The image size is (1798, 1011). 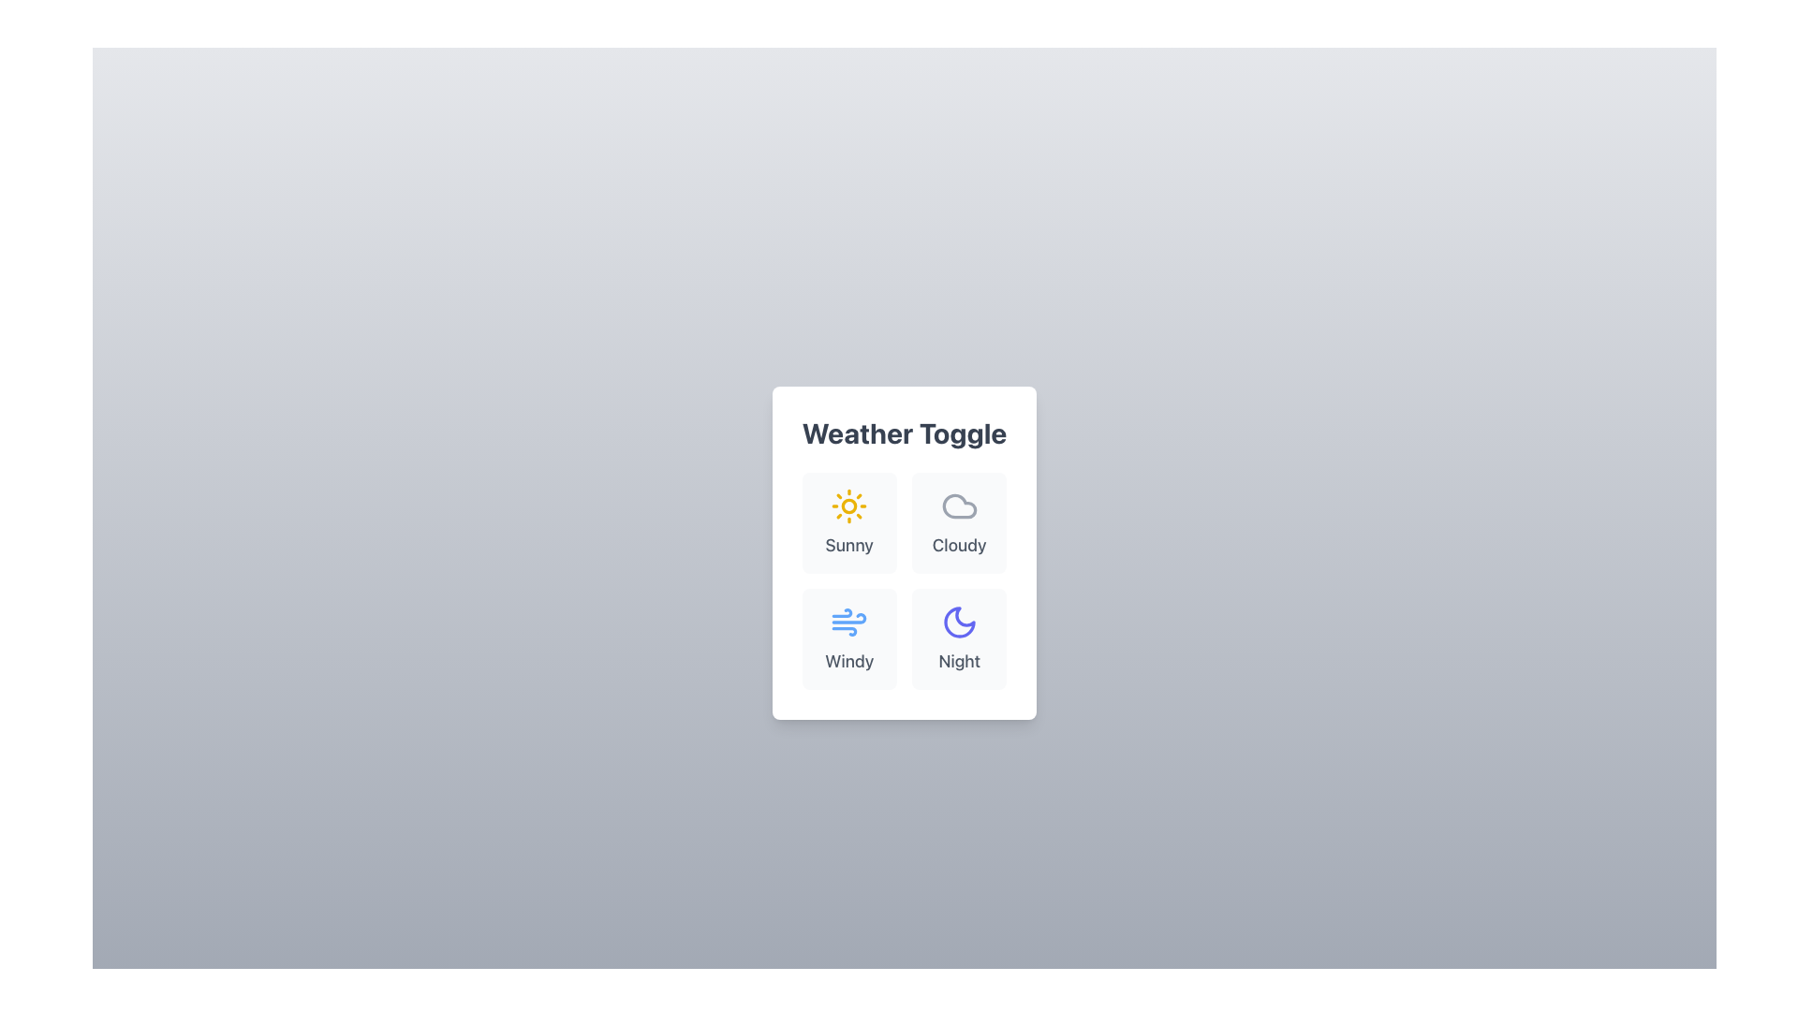 I want to click on the cloud icon located in the second cell of the weather toggle grid, above the label 'Cloudy', so click(x=959, y=505).